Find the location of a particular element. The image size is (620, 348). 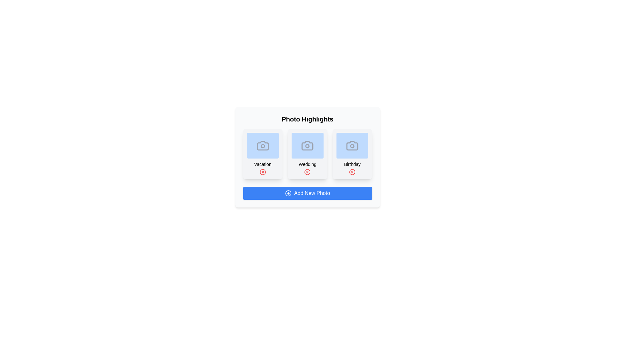

the delete button for the photo labeled Birthday is located at coordinates (352, 171).